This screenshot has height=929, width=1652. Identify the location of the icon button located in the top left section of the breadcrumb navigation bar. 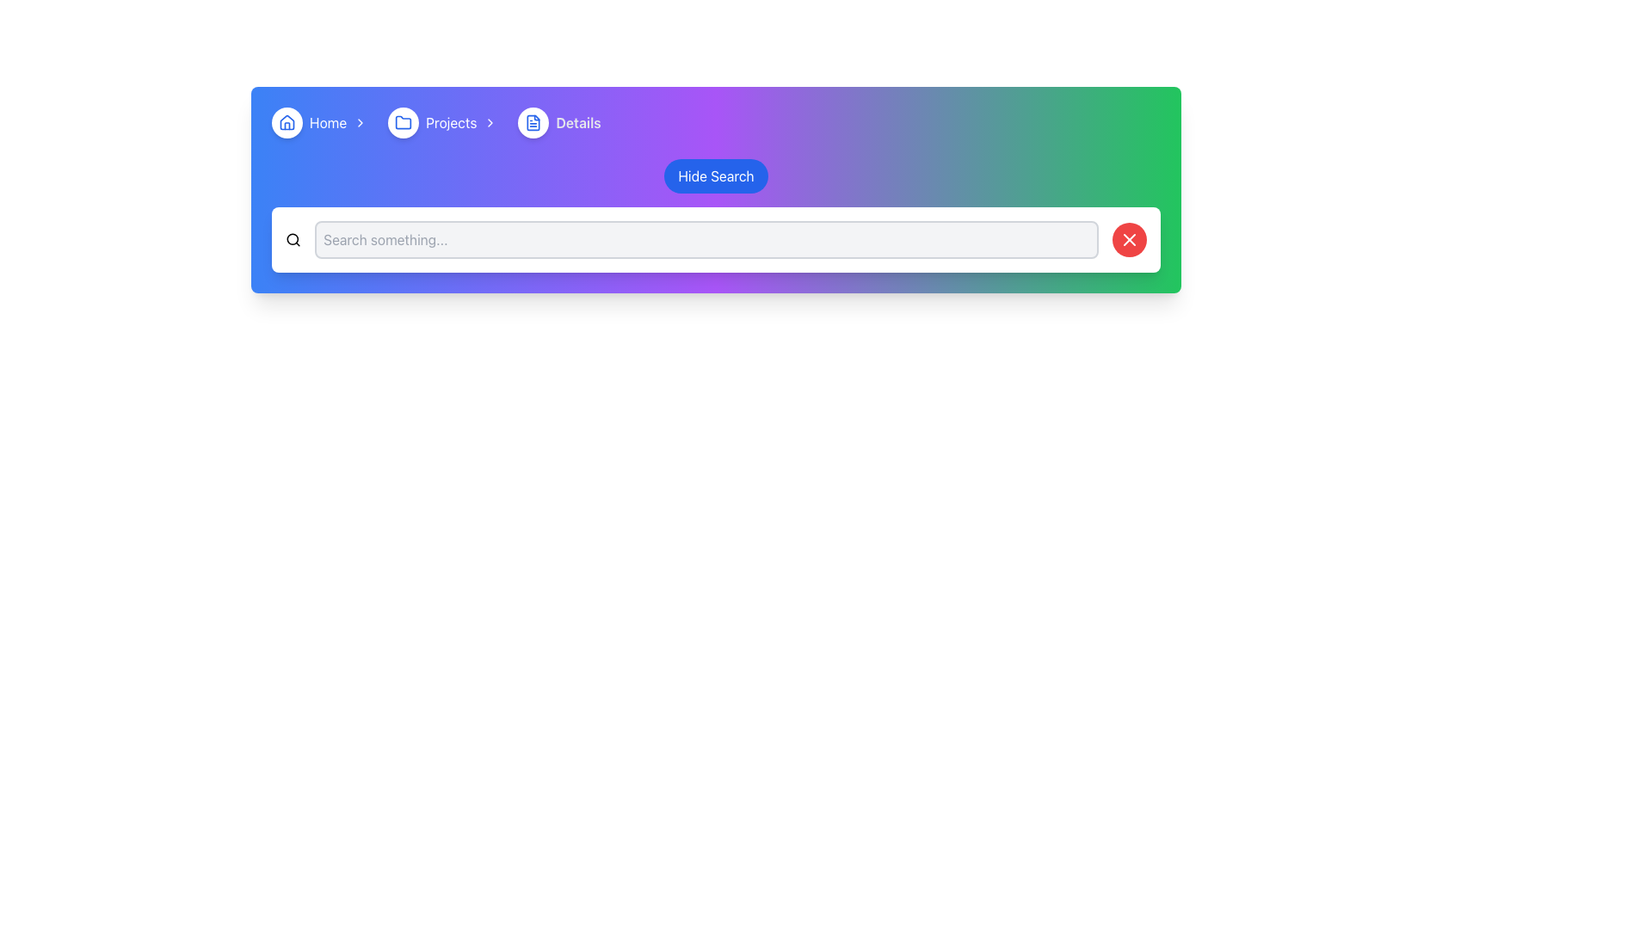
(287, 121).